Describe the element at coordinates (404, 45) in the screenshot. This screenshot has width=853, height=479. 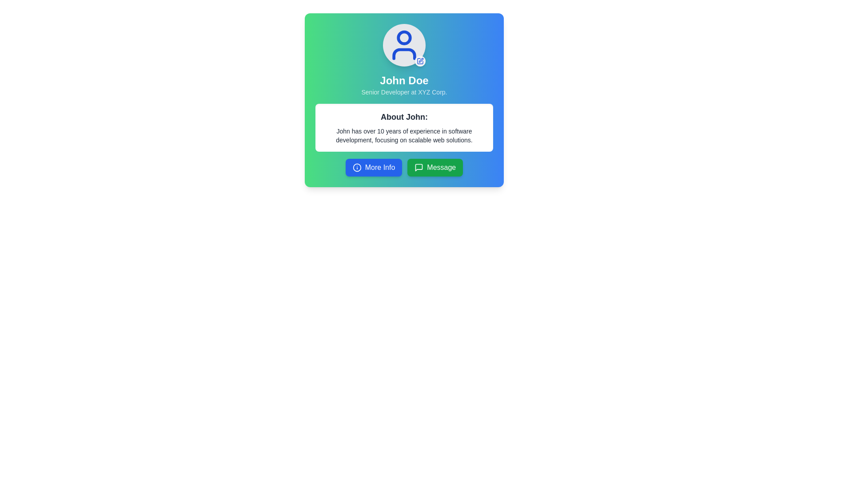
I see `the user avatar icon located at the top center of the profile card` at that location.